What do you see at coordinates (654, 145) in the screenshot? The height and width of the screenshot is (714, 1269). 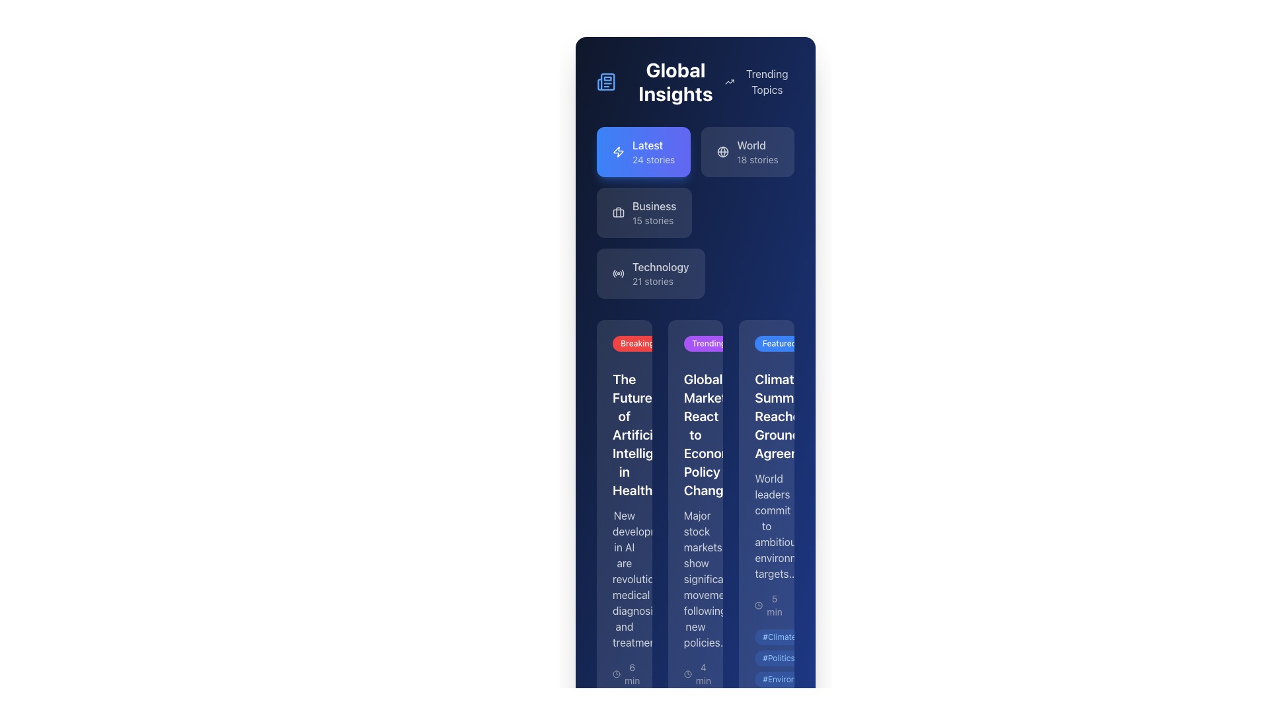 I see `the text label displaying 'Latest'` at bounding box center [654, 145].